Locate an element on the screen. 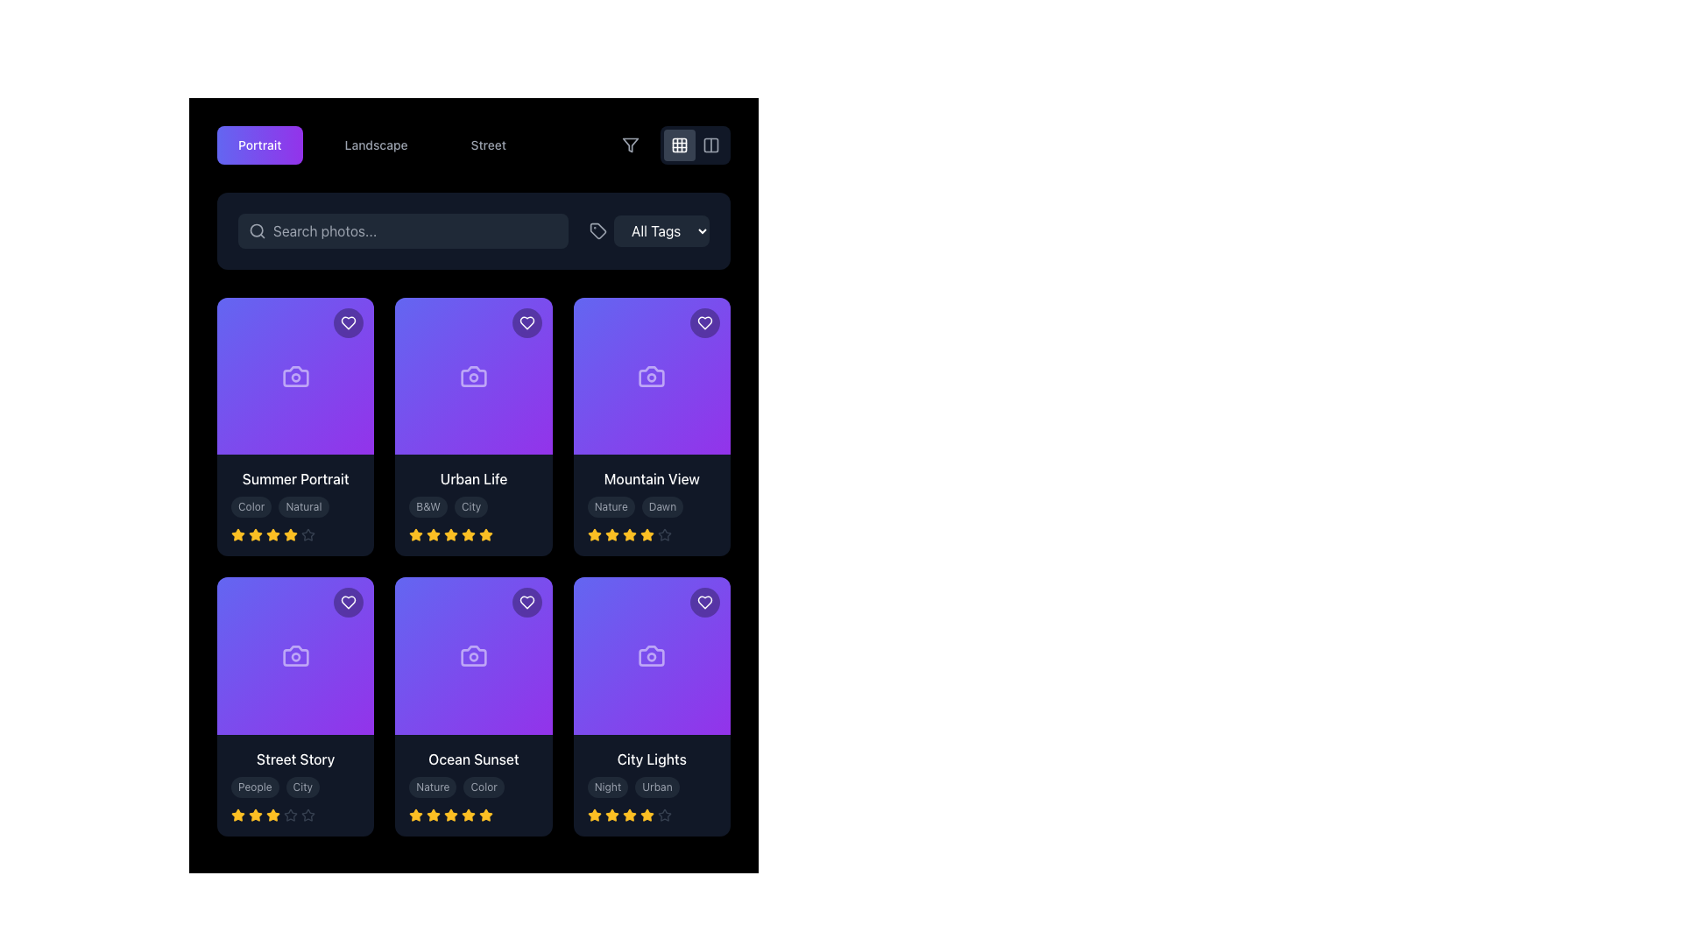  the composite card element displaying 'City Lights' with tags 'Night' and 'Urban' and a rating of four stars filled in amber is located at coordinates (651, 784).